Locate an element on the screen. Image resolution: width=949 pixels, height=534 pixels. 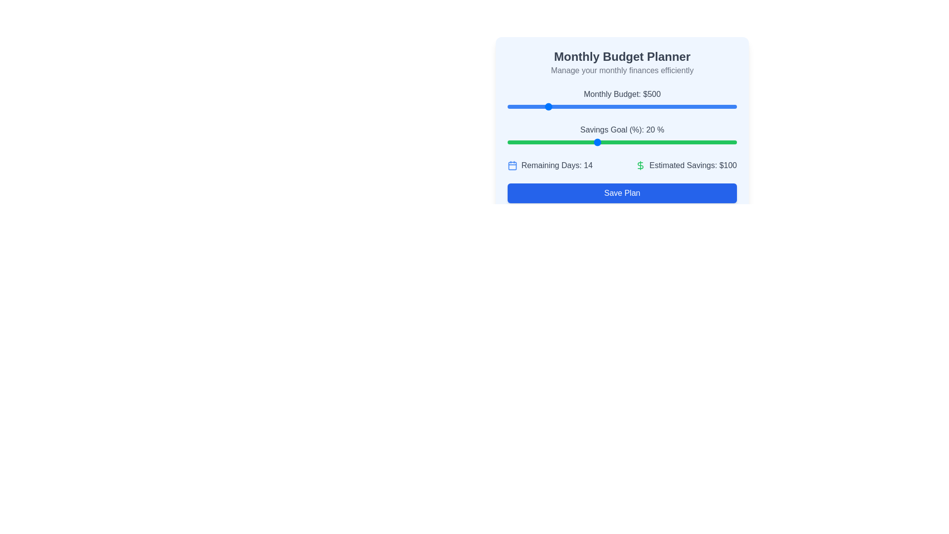
the 'Monthly Budget Planner' text block, which includes the title in bold dark gray and subtitle in lighter gray, located at the top of the card layout is located at coordinates (621, 63).